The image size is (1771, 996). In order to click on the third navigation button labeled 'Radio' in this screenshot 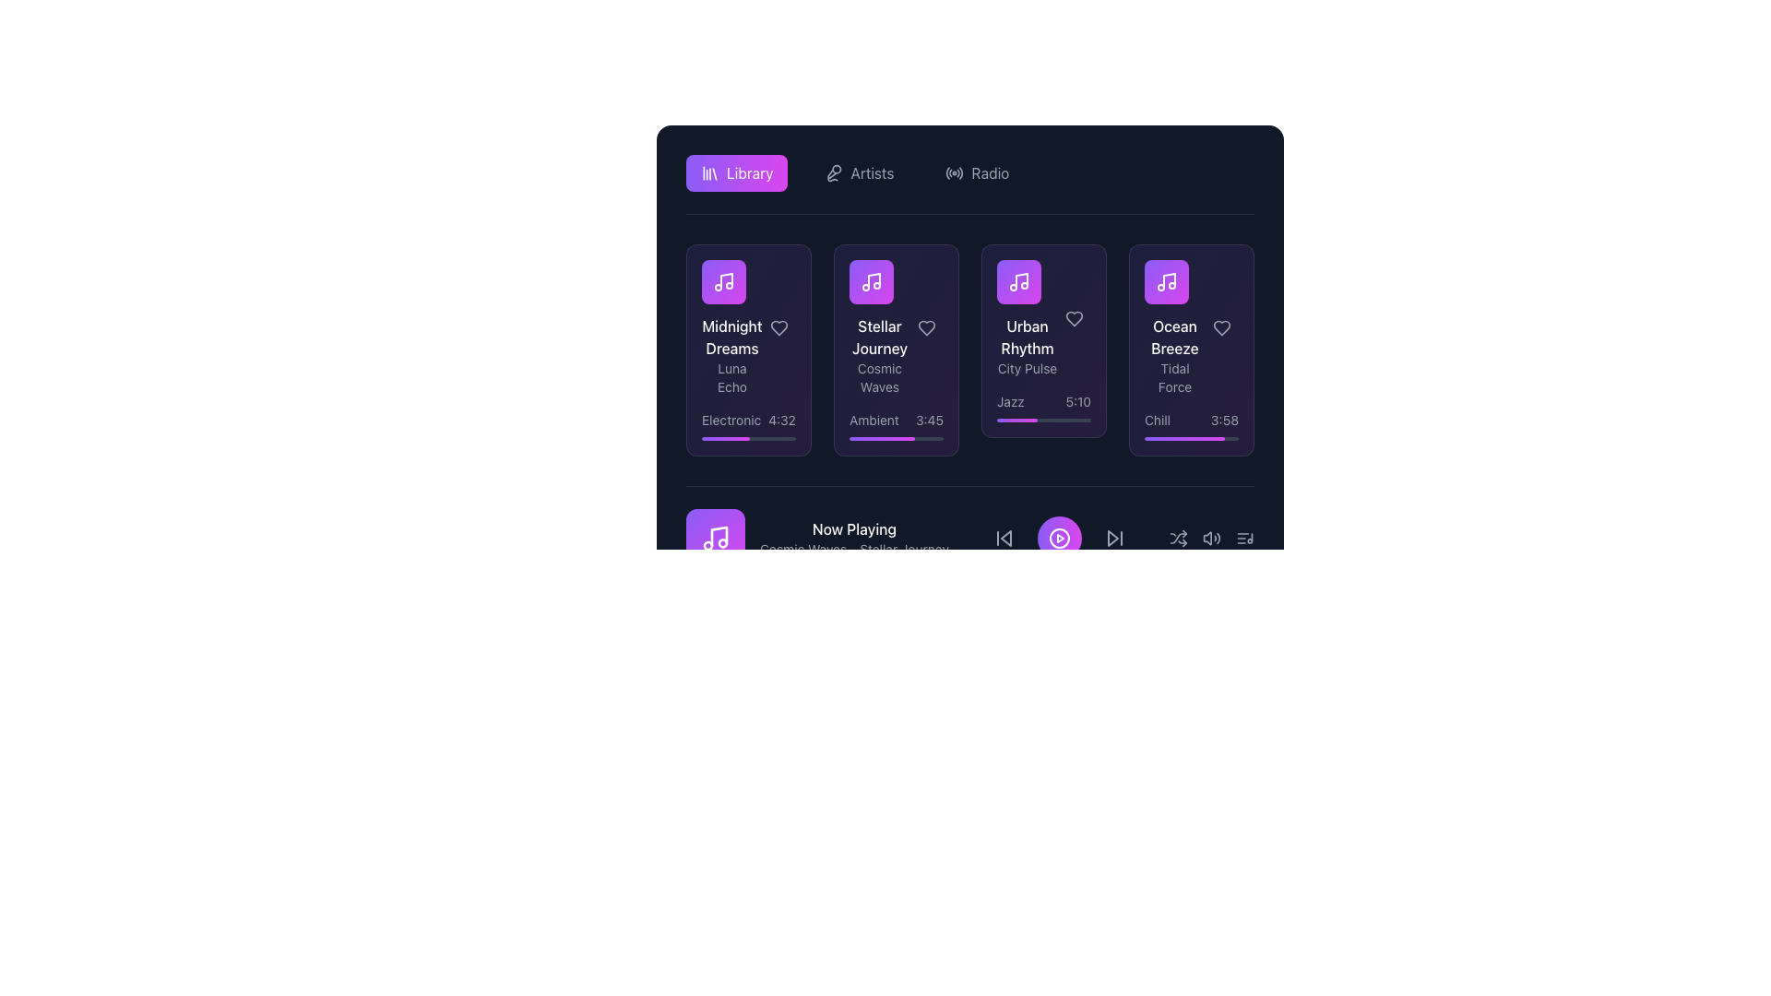, I will do `click(976, 173)`.